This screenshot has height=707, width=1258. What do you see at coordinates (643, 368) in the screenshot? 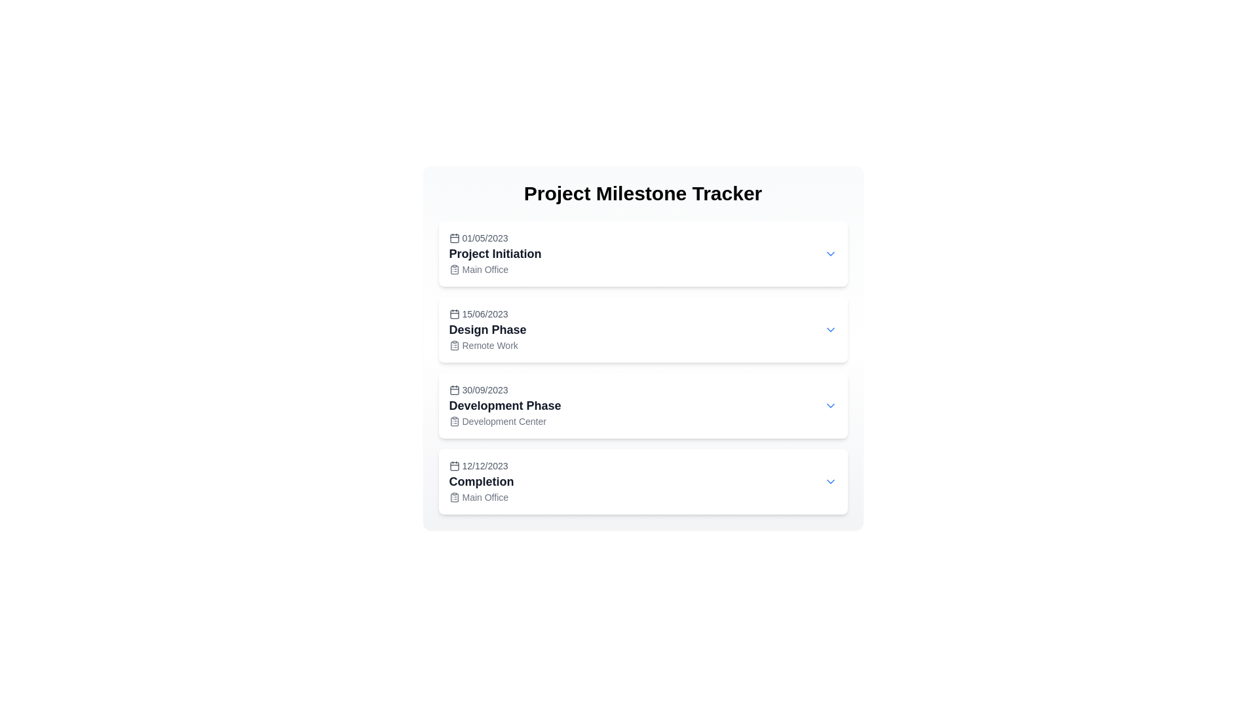
I see `the third Card component in the 'Project Milestone Tracker' section` at bounding box center [643, 368].